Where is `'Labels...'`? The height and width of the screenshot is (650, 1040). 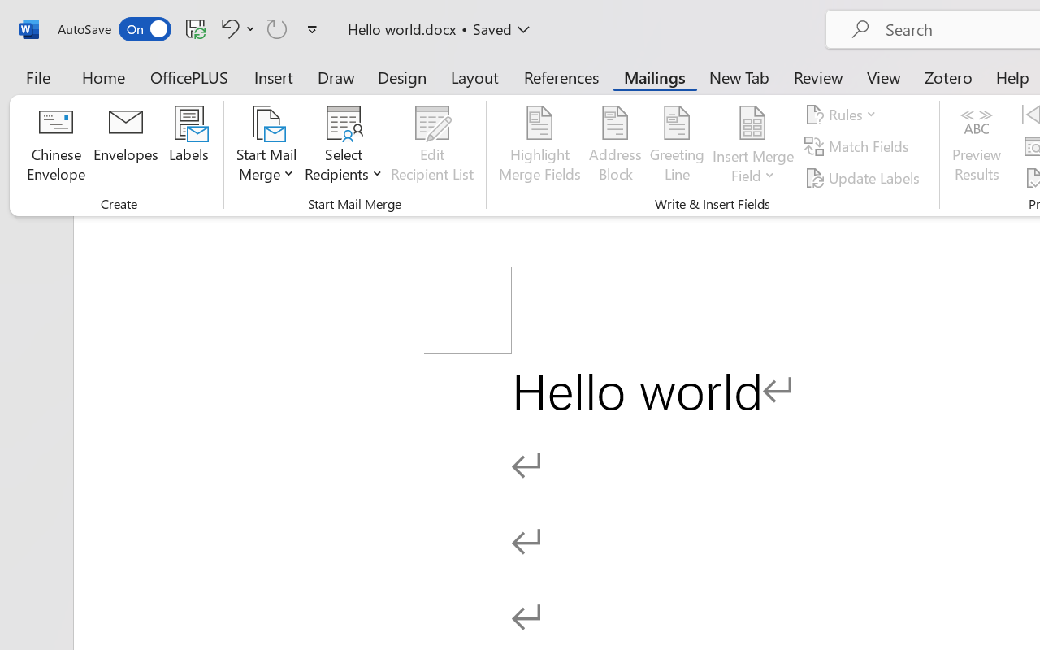
'Labels...' is located at coordinates (188, 145).